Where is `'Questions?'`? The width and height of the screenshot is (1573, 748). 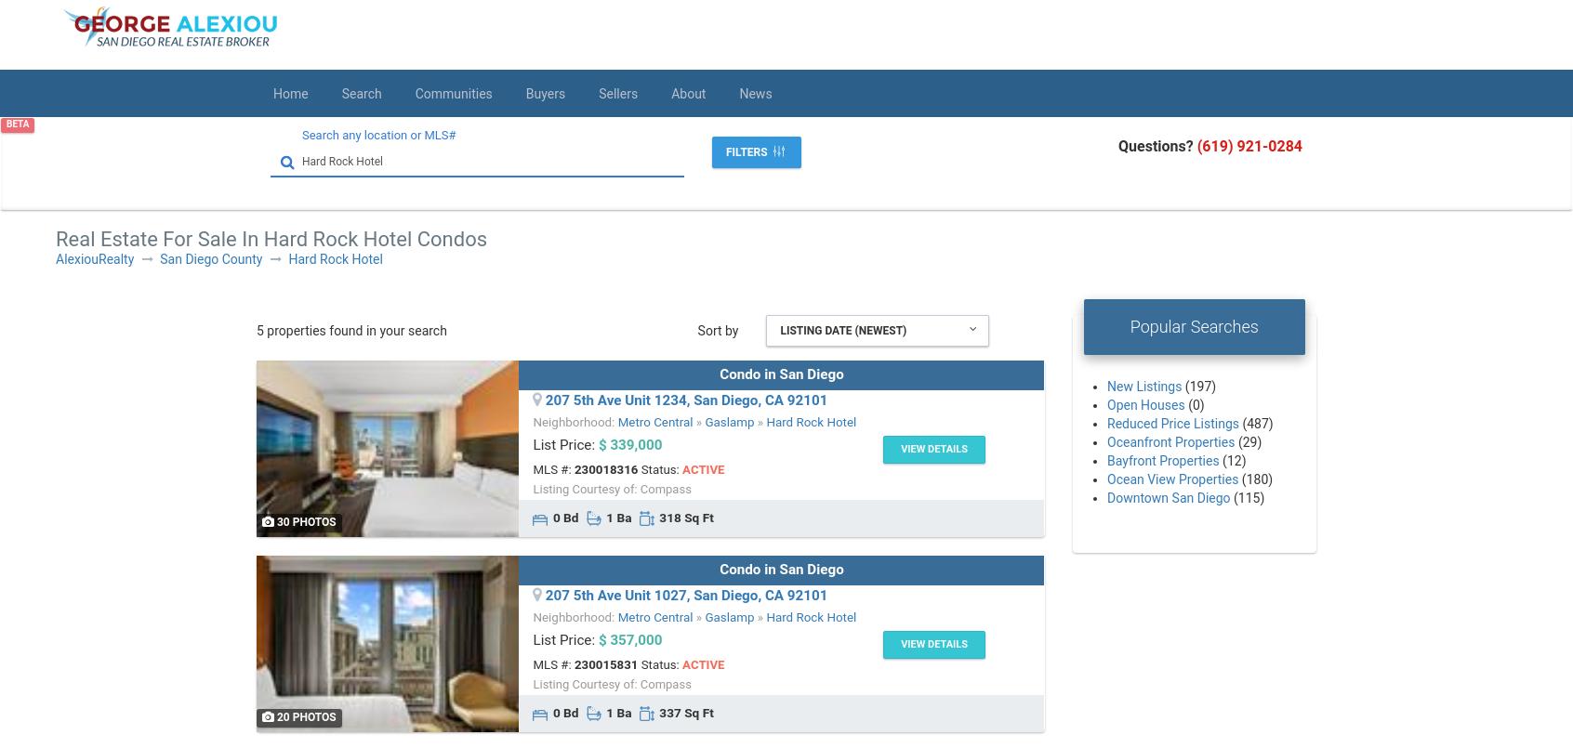
'Questions?' is located at coordinates (1157, 146).